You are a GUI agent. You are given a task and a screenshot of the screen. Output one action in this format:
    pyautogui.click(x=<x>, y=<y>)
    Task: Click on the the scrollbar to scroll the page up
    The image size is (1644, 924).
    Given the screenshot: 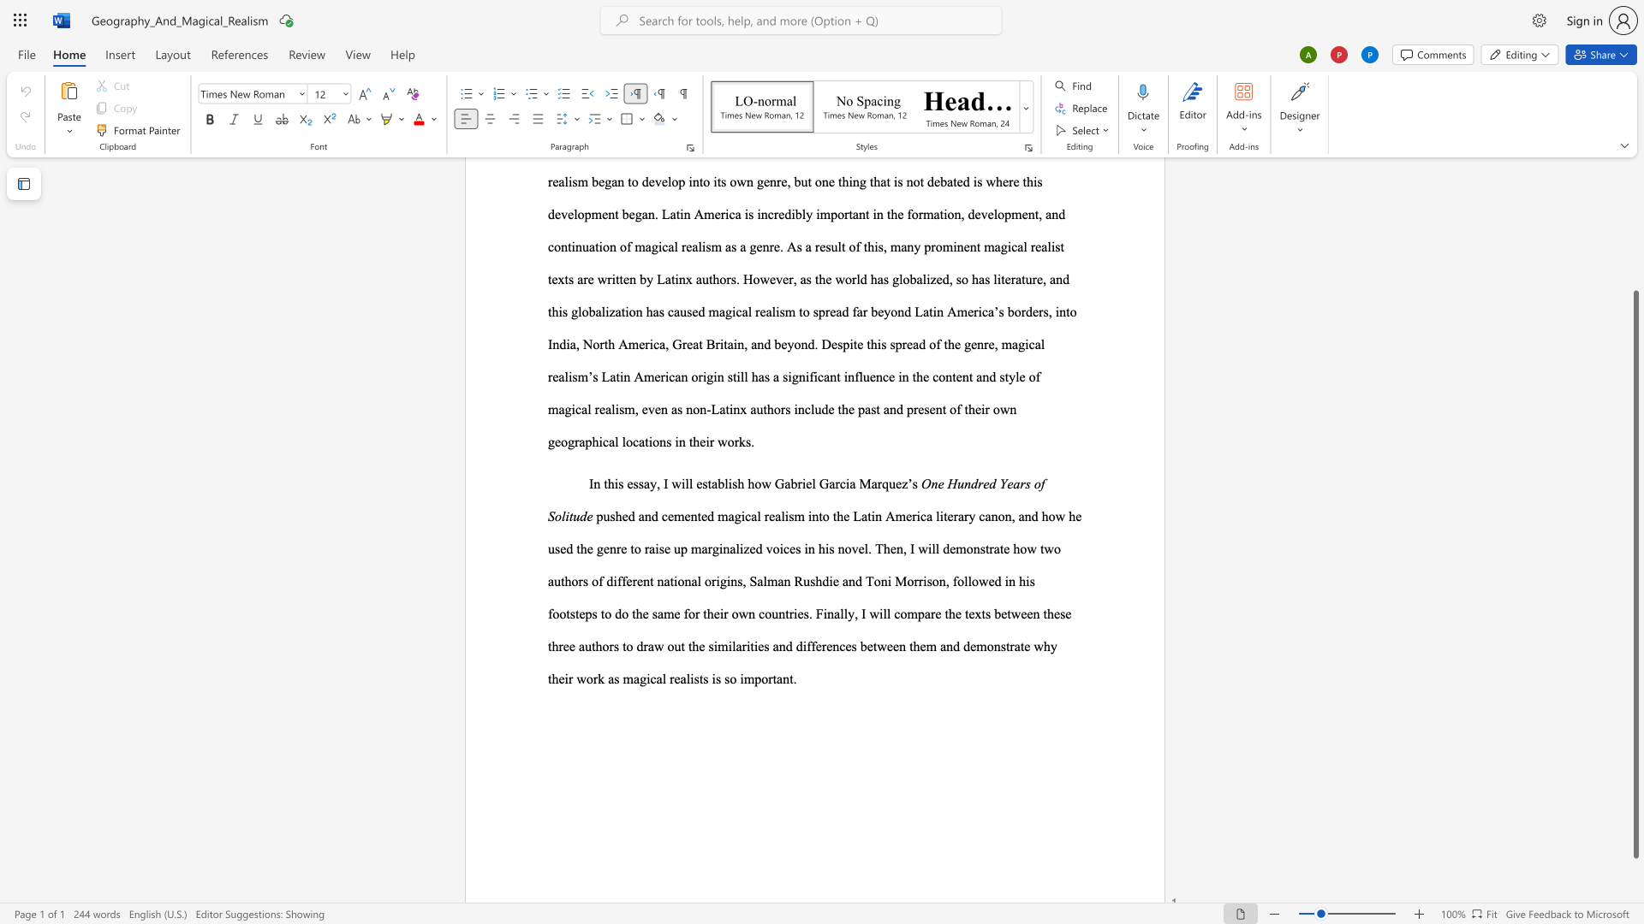 What is the action you would take?
    pyautogui.click(x=1635, y=247)
    